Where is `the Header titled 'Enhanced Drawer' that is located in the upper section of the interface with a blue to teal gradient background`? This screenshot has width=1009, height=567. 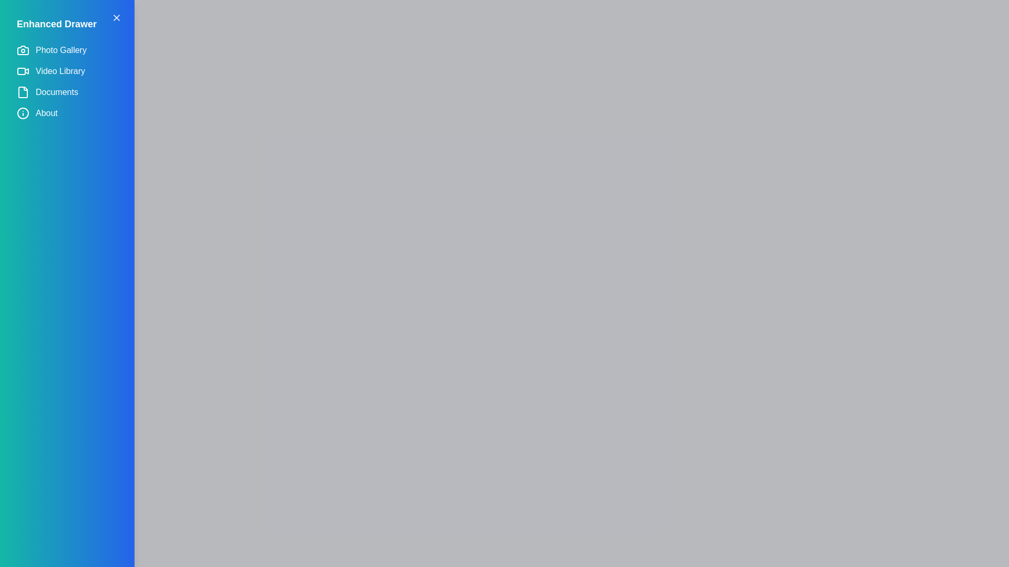 the Header titled 'Enhanced Drawer' that is located in the upper section of the interface with a blue to teal gradient background is located at coordinates (67, 24).